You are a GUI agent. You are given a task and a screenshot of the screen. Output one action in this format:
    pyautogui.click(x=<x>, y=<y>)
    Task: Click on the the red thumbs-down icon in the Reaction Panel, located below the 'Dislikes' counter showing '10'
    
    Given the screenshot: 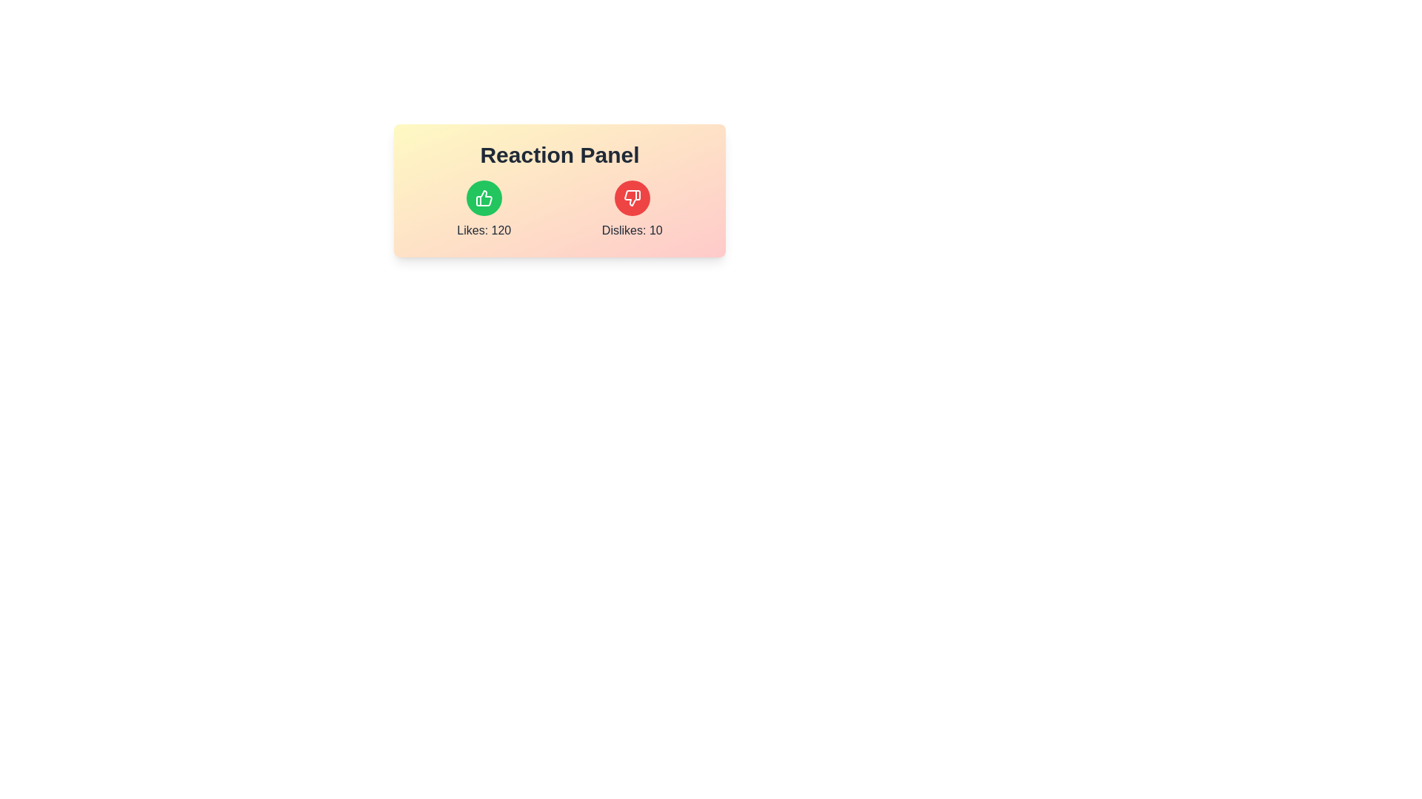 What is the action you would take?
    pyautogui.click(x=632, y=197)
    